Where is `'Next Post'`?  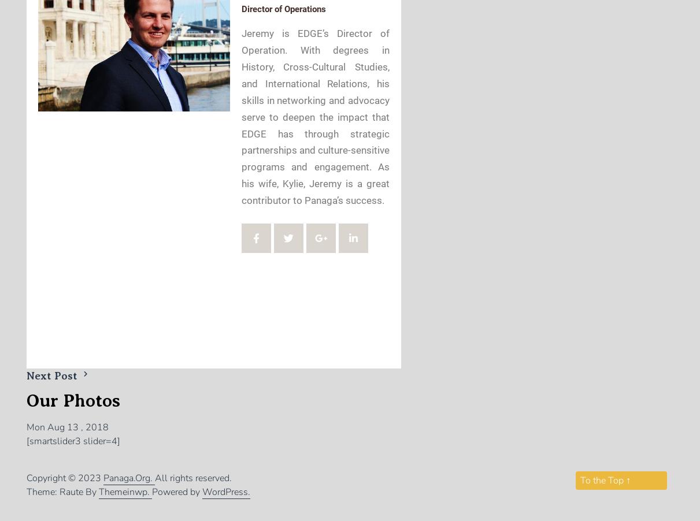
'Next Post' is located at coordinates (53, 375).